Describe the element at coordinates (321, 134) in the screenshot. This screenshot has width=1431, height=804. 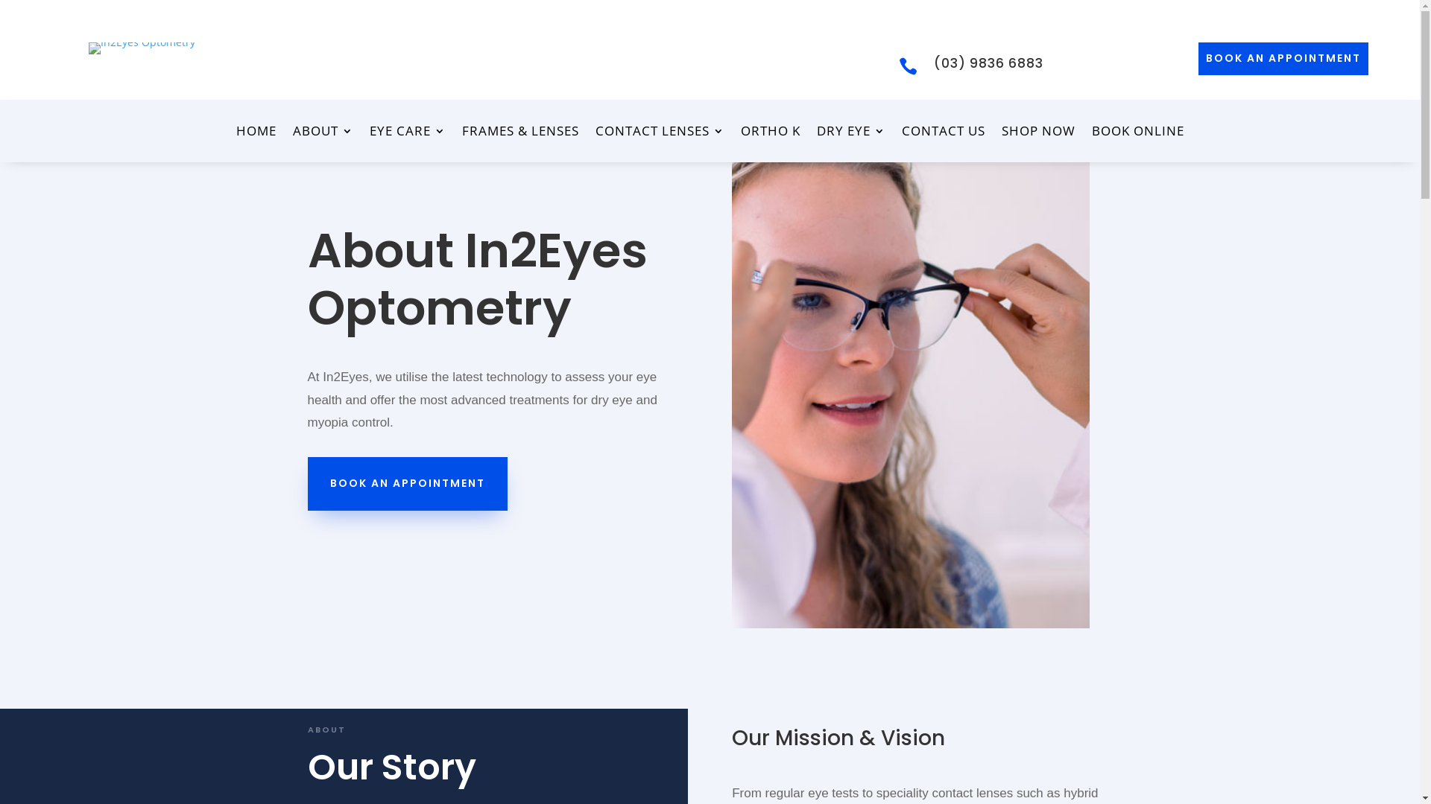
I see `'ABOUT'` at that location.